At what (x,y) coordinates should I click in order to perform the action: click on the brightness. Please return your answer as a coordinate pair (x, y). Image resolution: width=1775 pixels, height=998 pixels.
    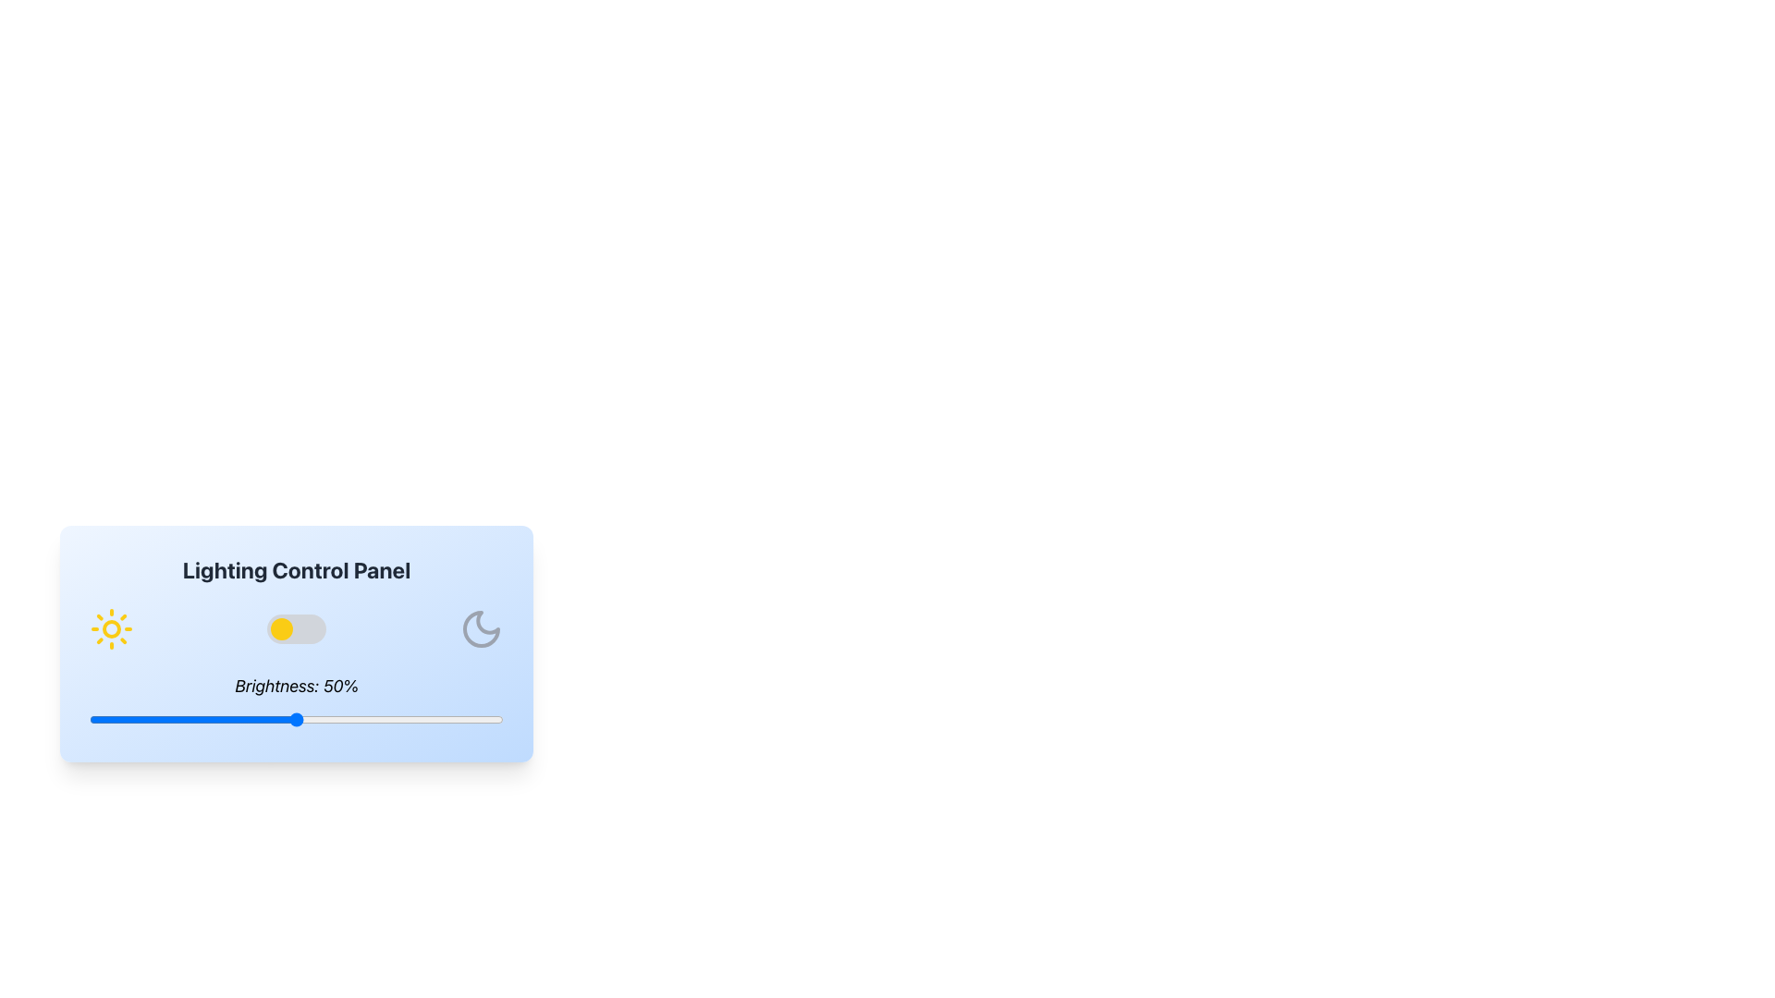
    Looking at the image, I should click on (246, 719).